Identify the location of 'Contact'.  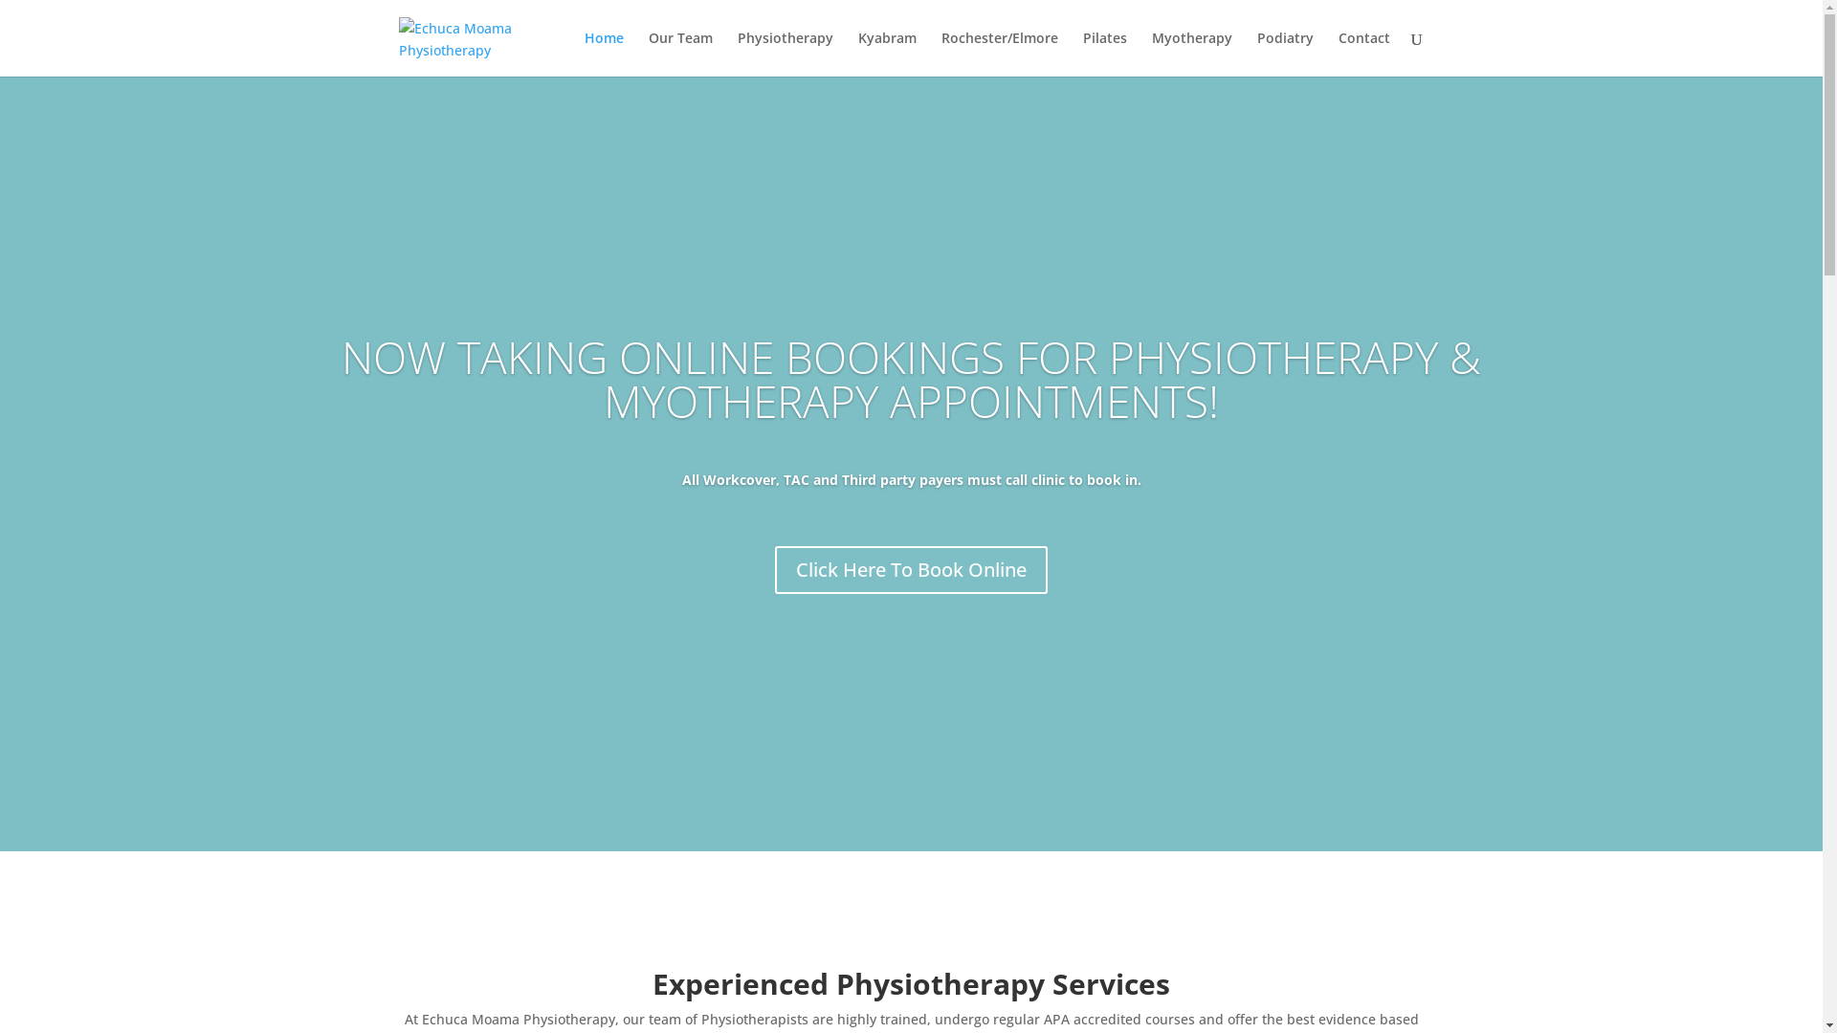
(1362, 53).